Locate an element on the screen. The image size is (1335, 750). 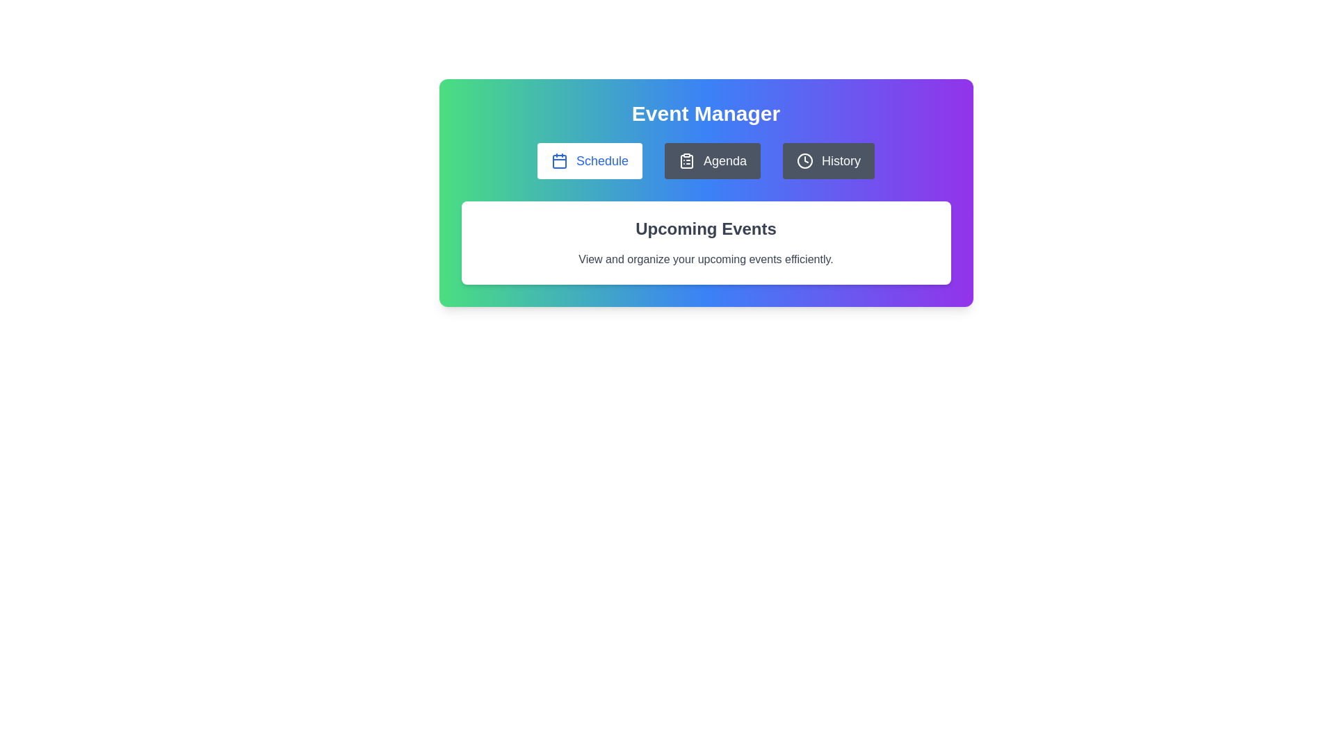
the 'Schedule' button, which is a rectangular button with a white background and blue text, located above 'Upcoming Events' and below 'Event Manager' is located at coordinates (590, 160).